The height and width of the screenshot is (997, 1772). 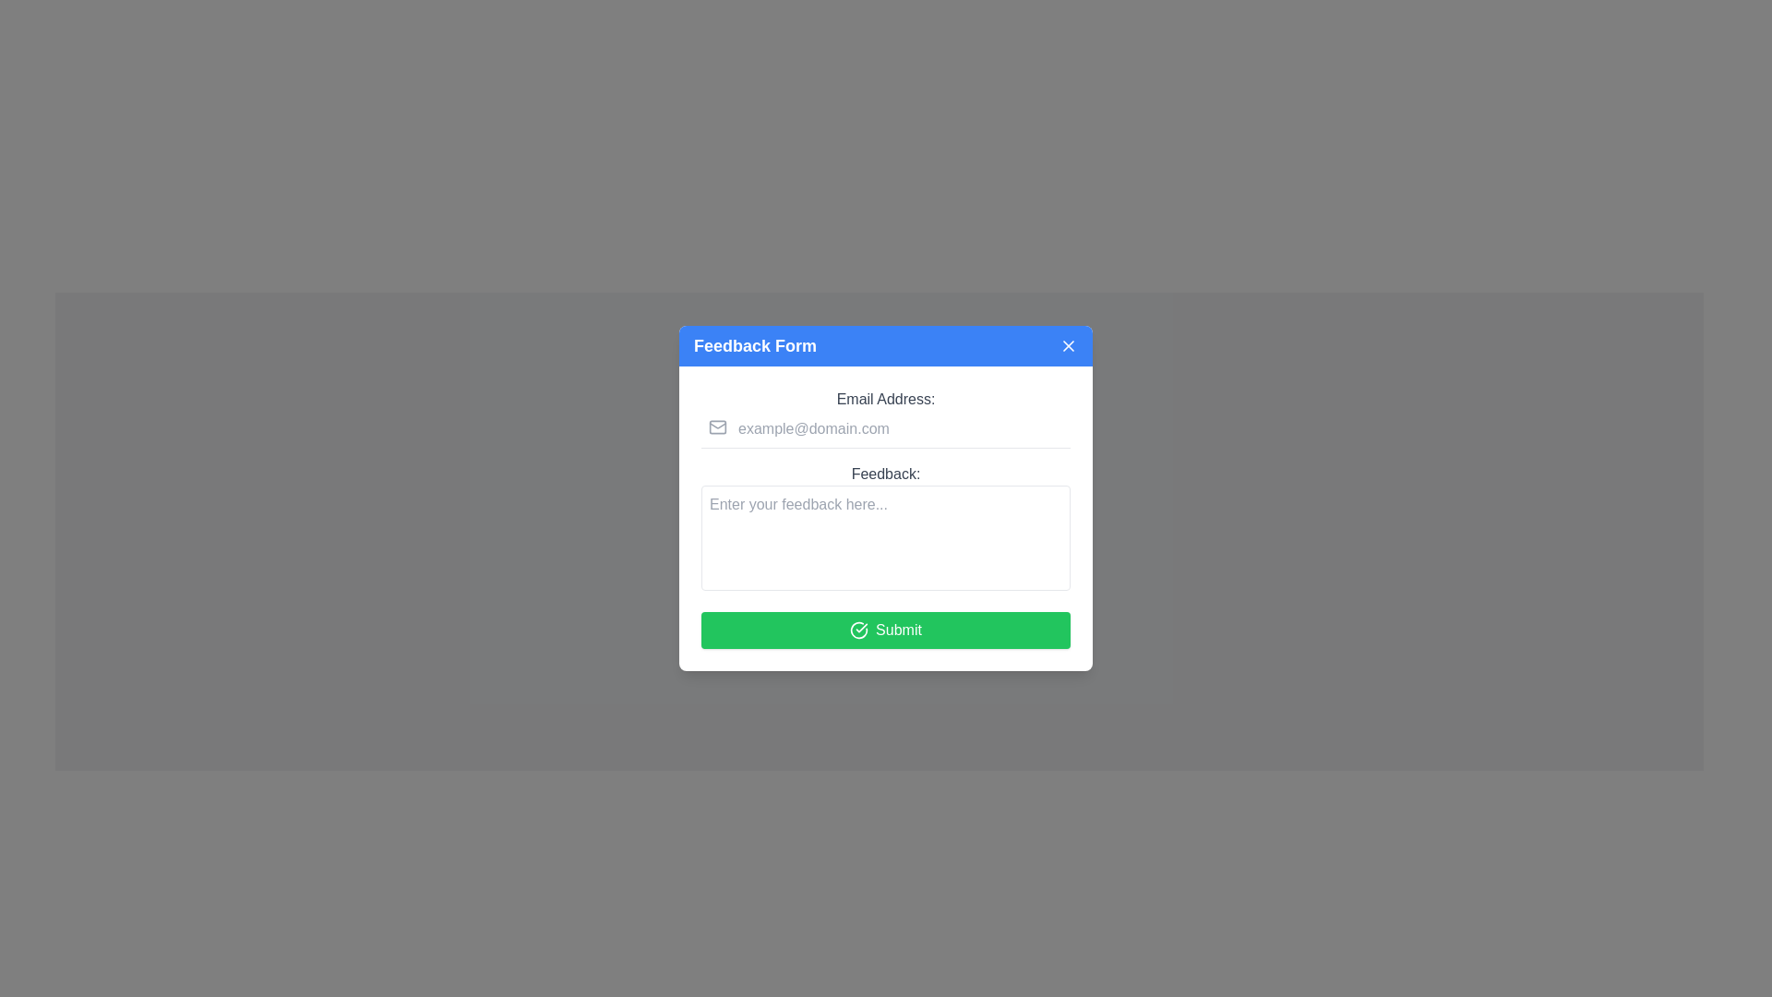 I want to click on the 'Feedback Form' text label, which is prominently displayed in white over a blue rectangle at the top-left of the header bar, so click(x=755, y=345).